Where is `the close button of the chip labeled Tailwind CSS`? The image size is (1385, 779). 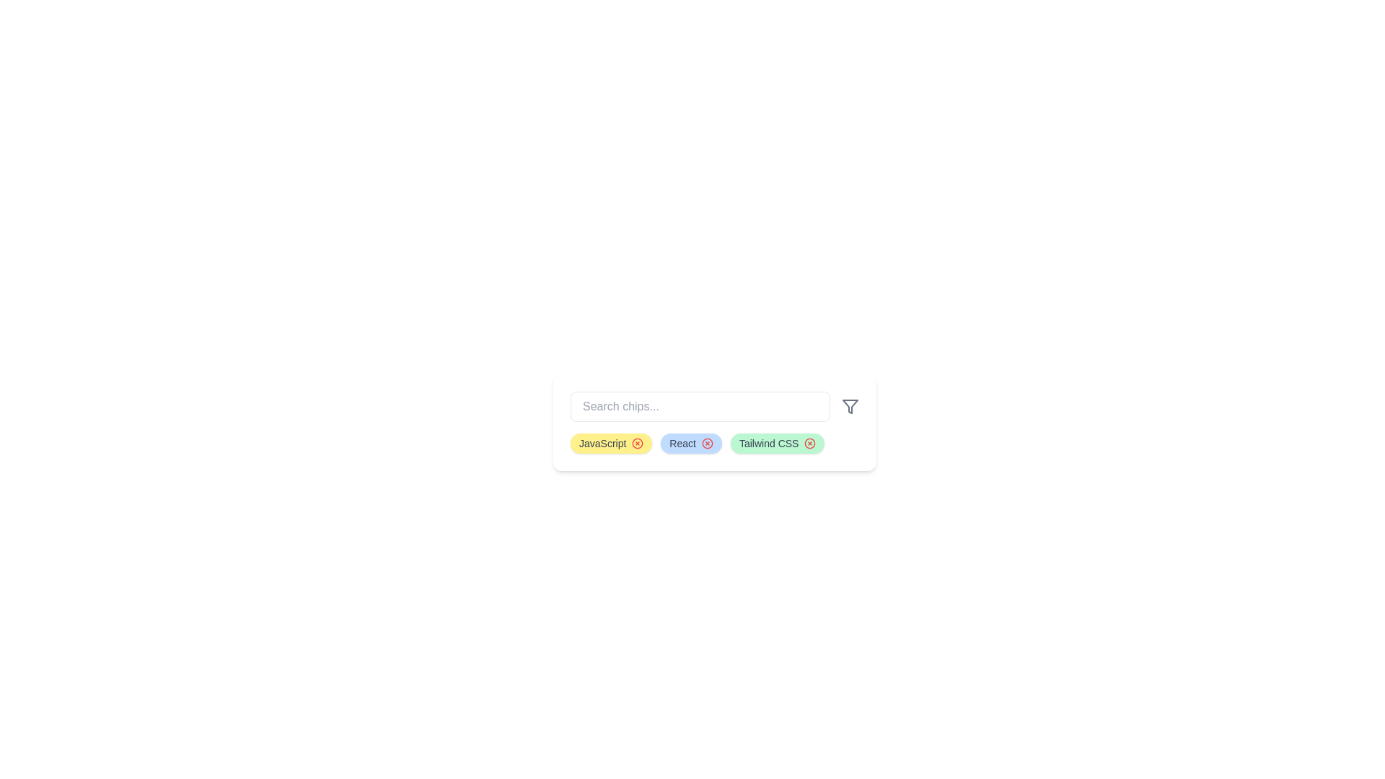
the close button of the chip labeled Tailwind CSS is located at coordinates (810, 442).